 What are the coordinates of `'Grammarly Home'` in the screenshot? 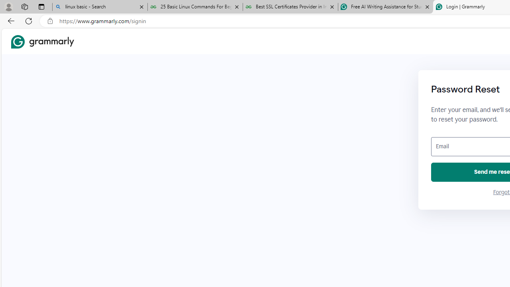 It's located at (42, 41).